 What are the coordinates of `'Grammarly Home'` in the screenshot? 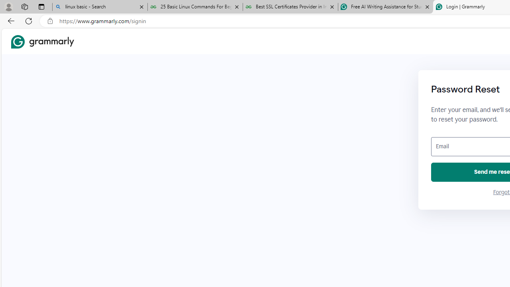 It's located at (42, 41).